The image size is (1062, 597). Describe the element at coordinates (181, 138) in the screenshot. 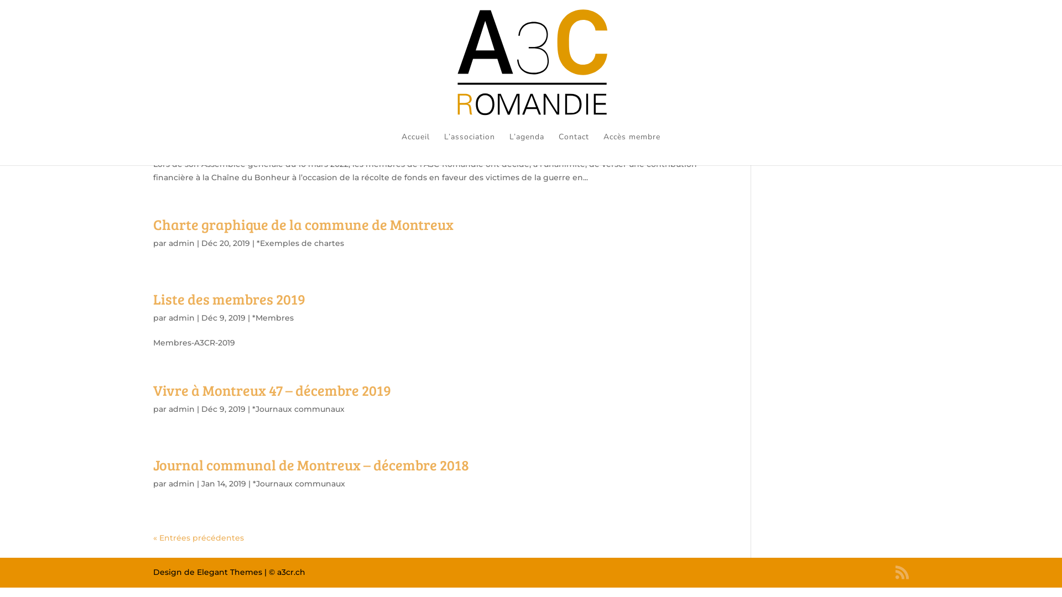

I see `'admin'` at that location.